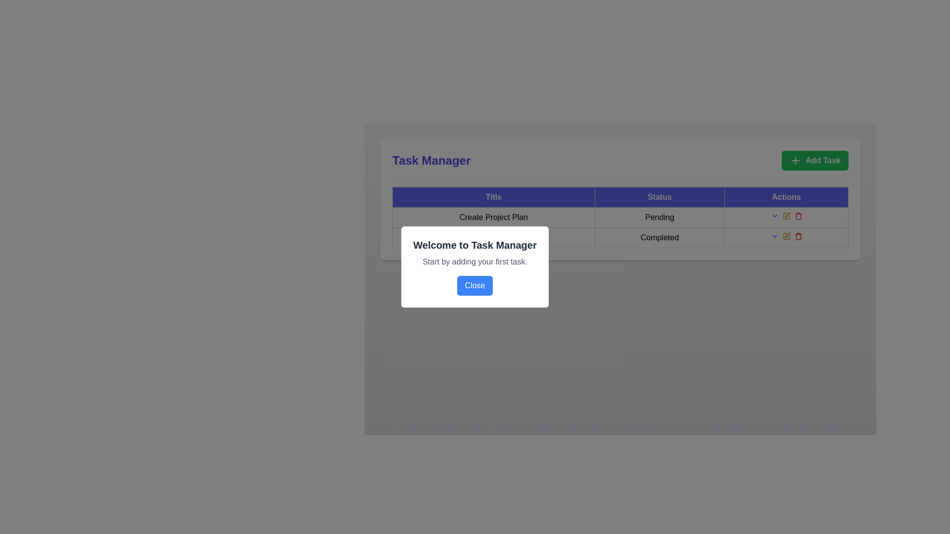  What do you see at coordinates (619, 238) in the screenshot?
I see `the table cell displaying 'Completed' located in the second row under the 'Status' column` at bounding box center [619, 238].